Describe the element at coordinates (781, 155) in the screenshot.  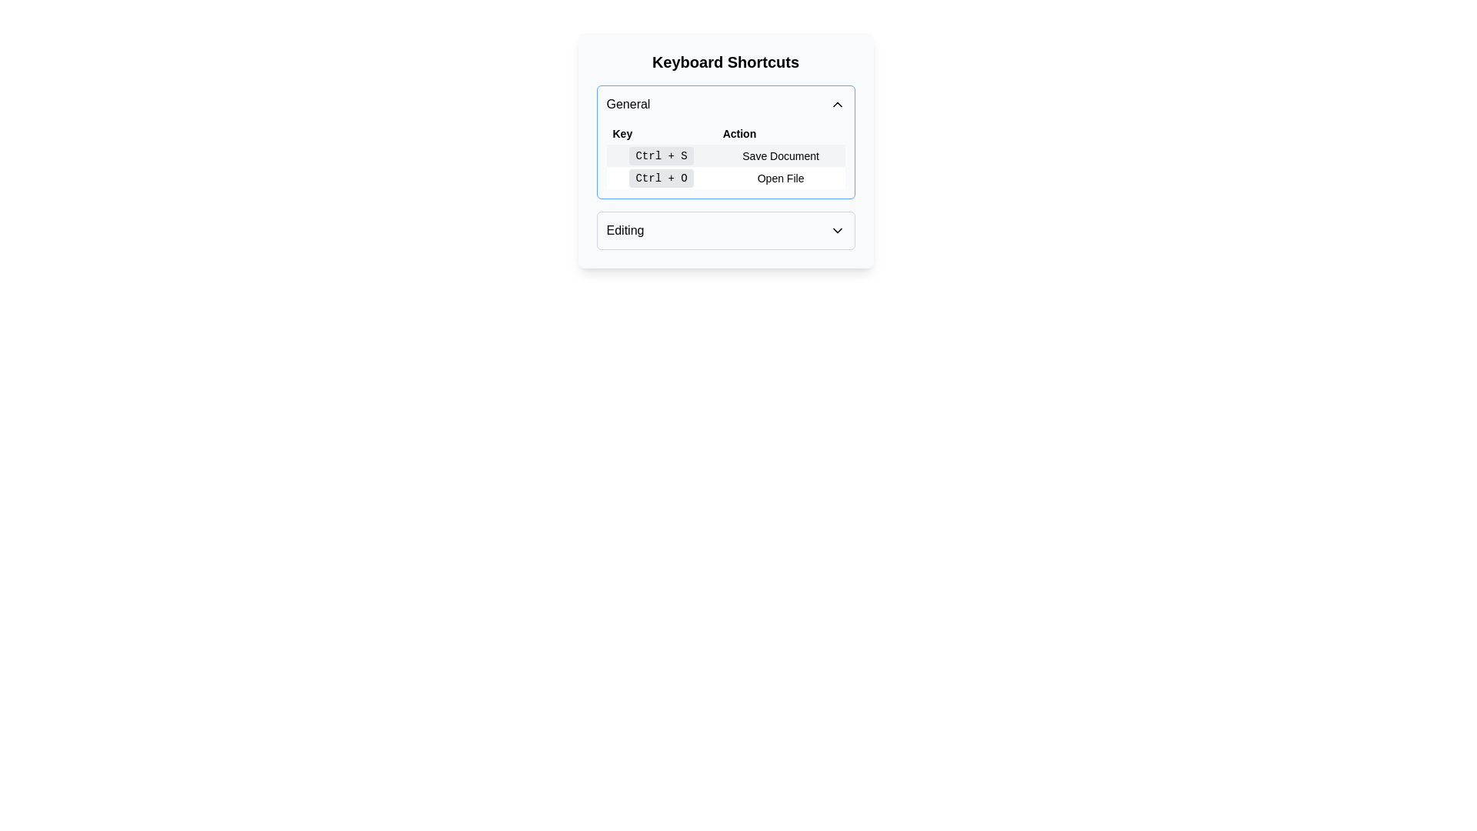
I see `the text label that describes the 'Ctrl + S' keyboard shortcut, which indicates the action for saving a document` at that location.